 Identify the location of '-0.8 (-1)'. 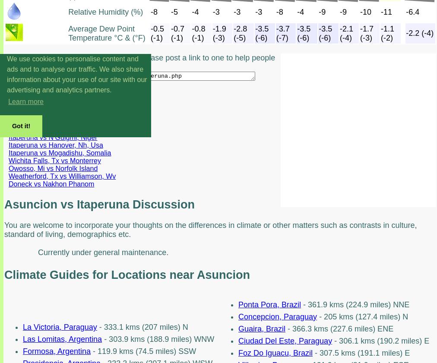
(198, 32).